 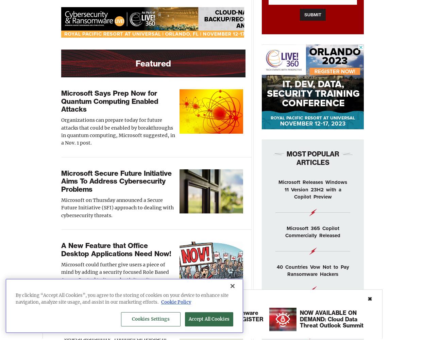 What do you see at coordinates (153, 63) in the screenshot?
I see `'Featured'` at bounding box center [153, 63].